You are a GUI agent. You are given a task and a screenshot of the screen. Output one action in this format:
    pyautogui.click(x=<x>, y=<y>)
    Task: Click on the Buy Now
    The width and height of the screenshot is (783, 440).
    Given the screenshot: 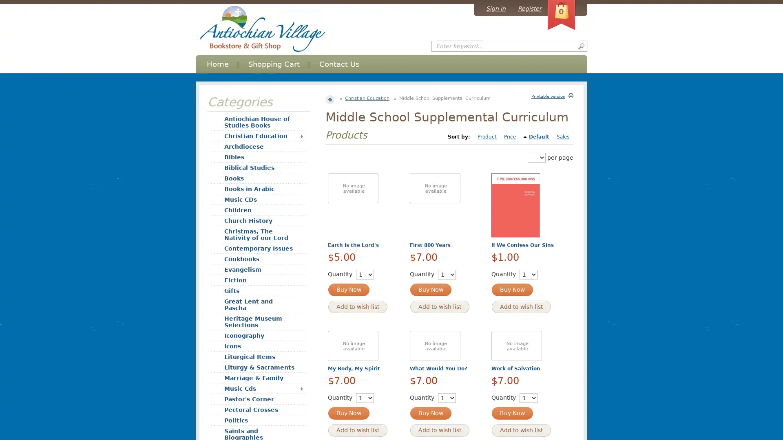 What is the action you would take?
    pyautogui.click(x=430, y=289)
    